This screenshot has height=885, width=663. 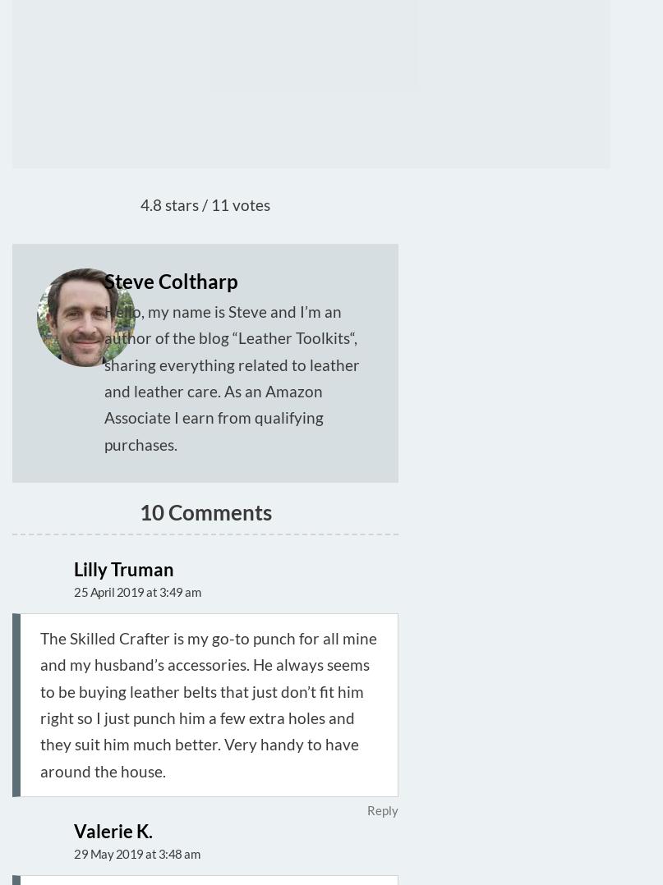 I want to click on 'votes', so click(x=248, y=204).